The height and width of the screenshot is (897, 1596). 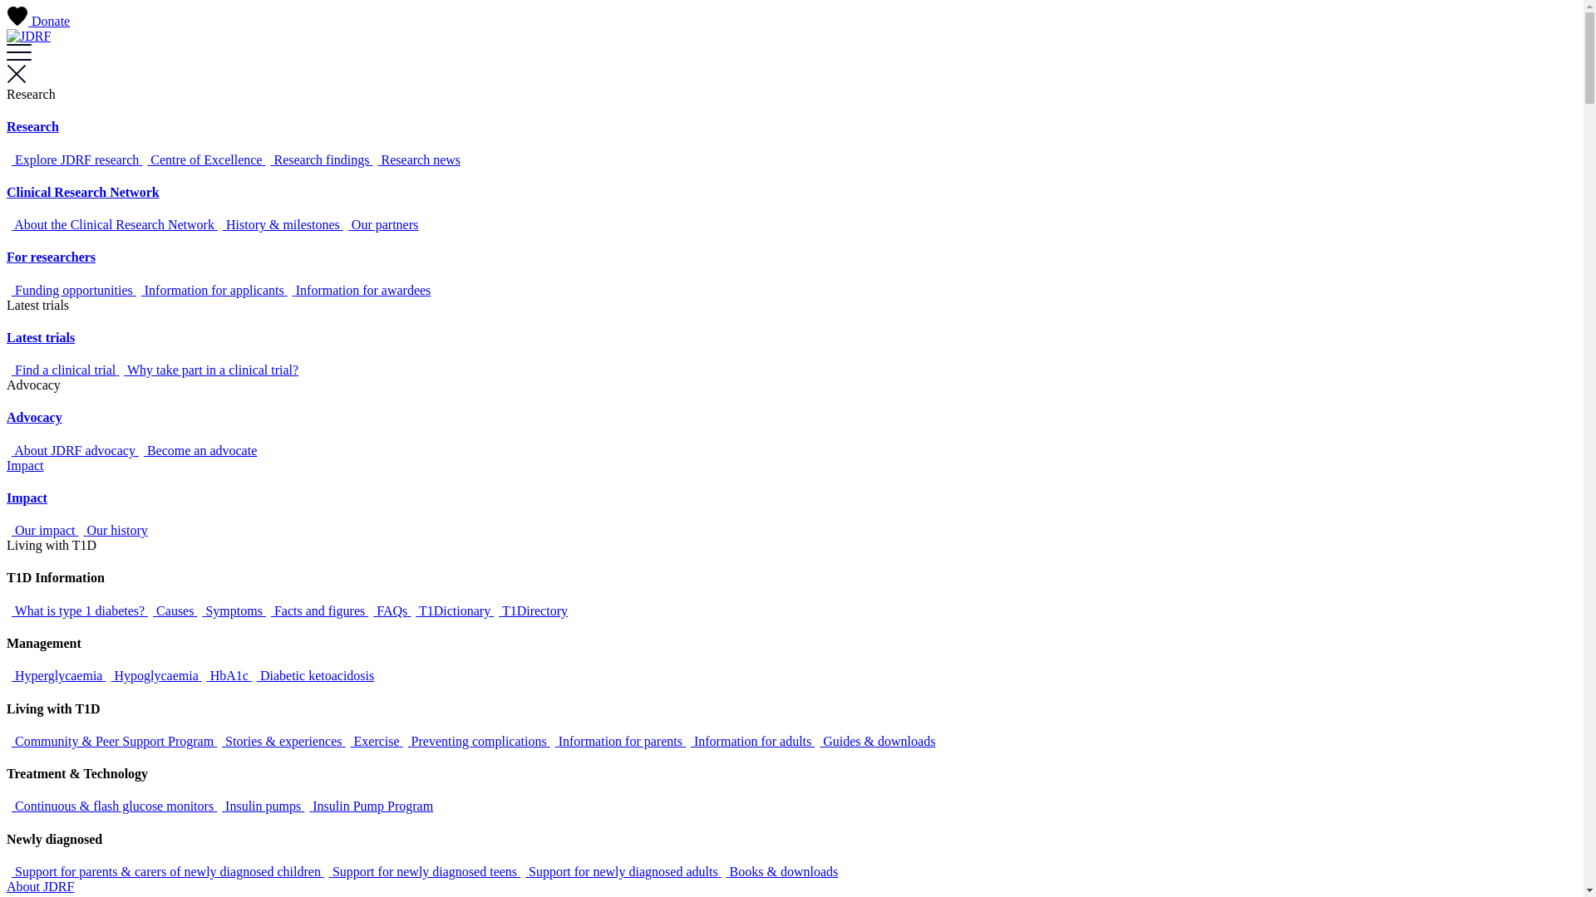 What do you see at coordinates (165, 870) in the screenshot?
I see `'Support for parents & carers of newly diagnosed children'` at bounding box center [165, 870].